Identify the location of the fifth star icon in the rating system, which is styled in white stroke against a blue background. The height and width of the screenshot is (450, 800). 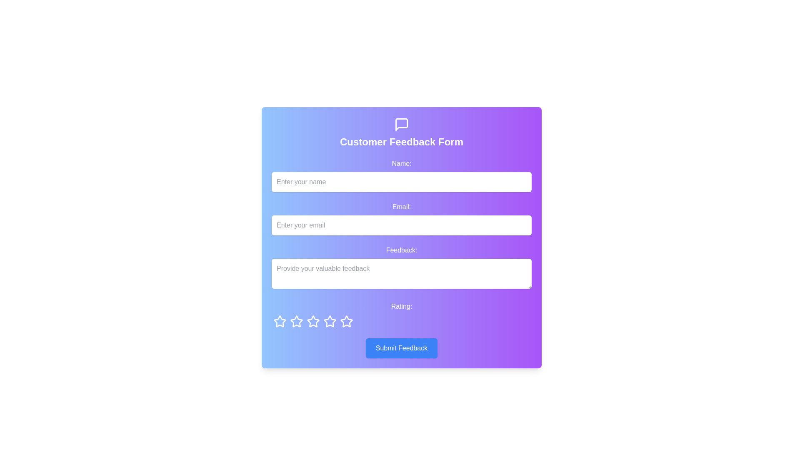
(330, 321).